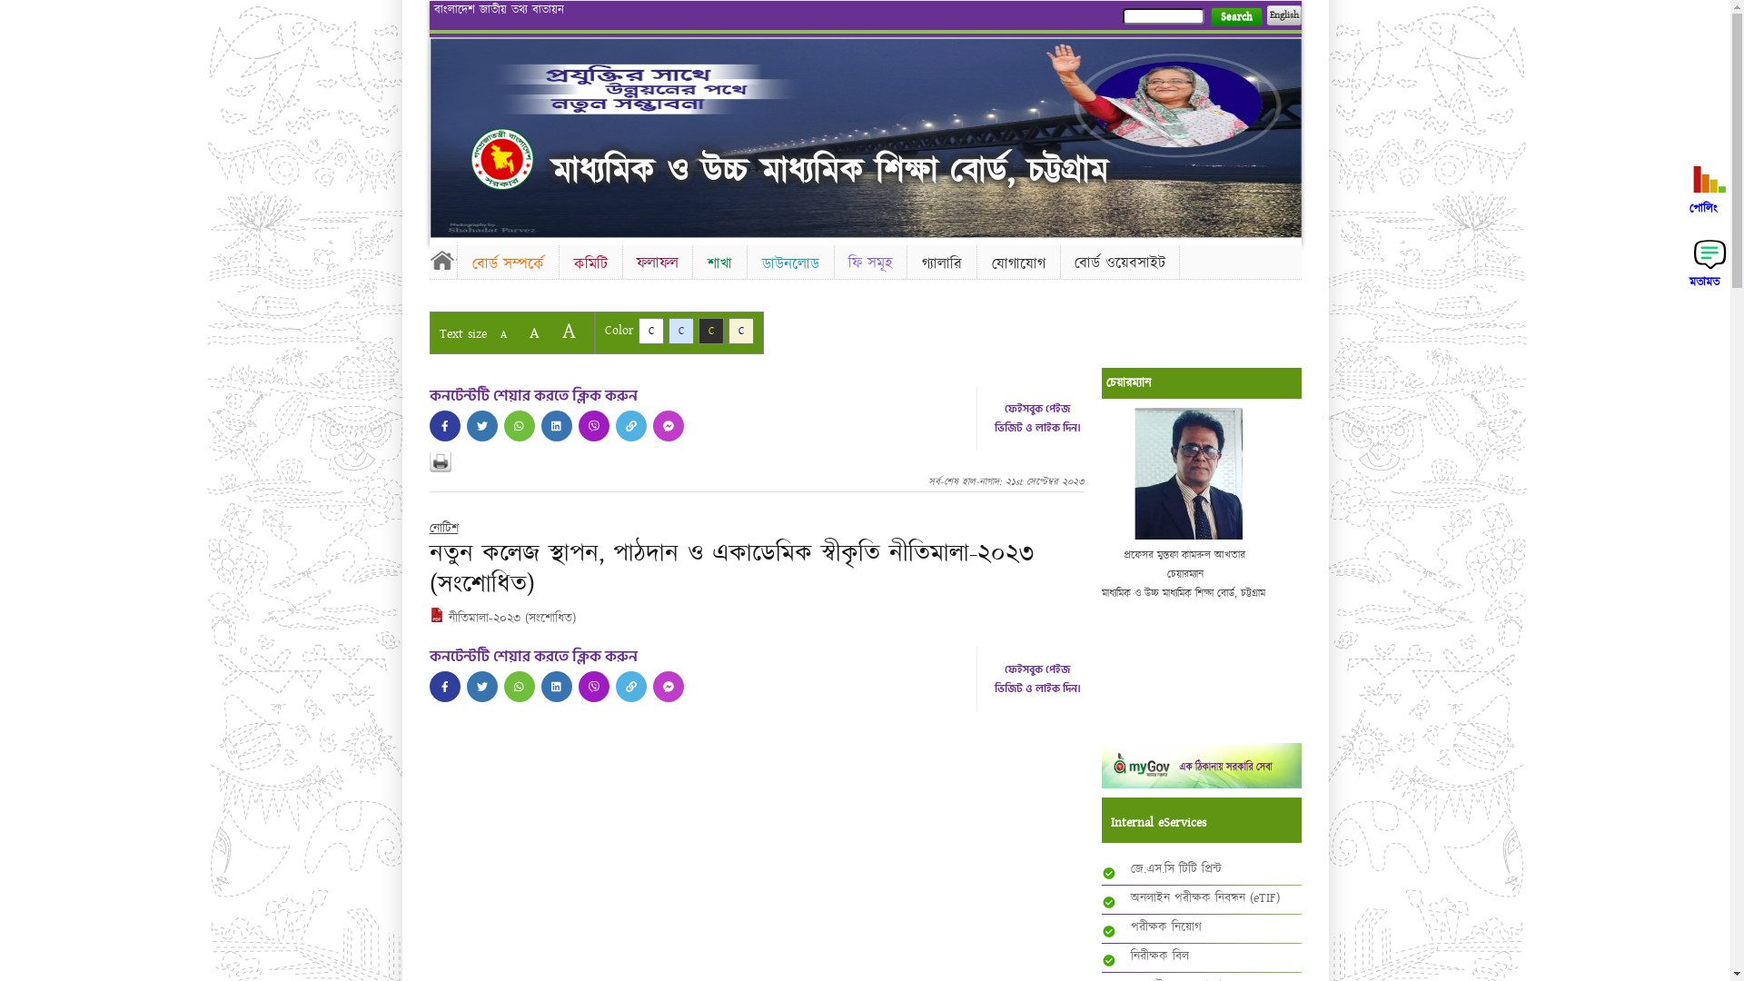  What do you see at coordinates (709, 331) in the screenshot?
I see `'C'` at bounding box center [709, 331].